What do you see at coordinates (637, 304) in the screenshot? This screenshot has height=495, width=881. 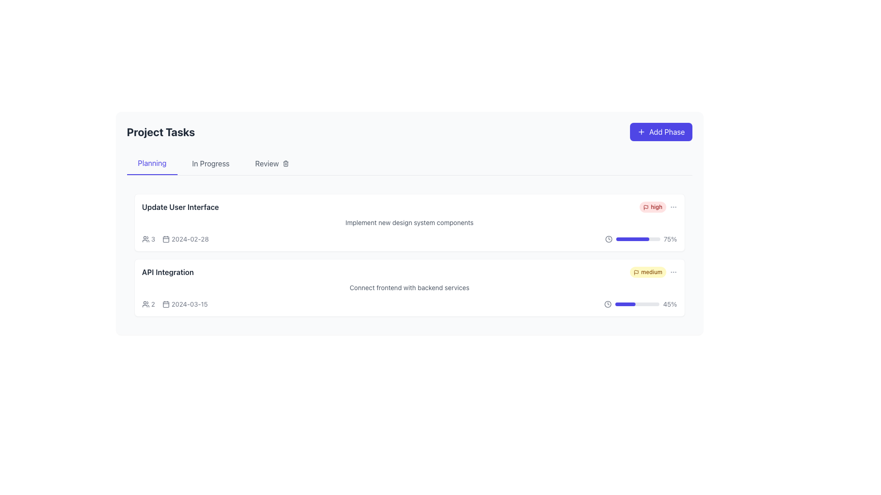 I see `the Progress Bar that represents 45% completion, located below the 'API Integration' task in the second row of the task list` at bounding box center [637, 304].